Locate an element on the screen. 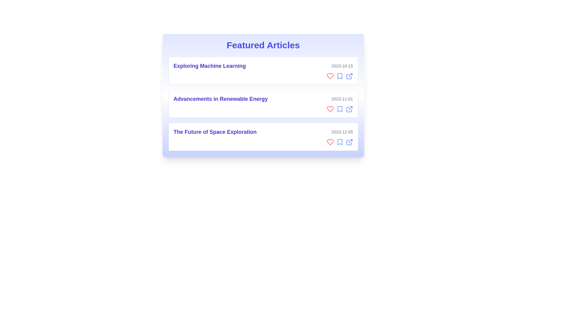 The image size is (576, 324). heart icon to like the article titled 'The Future of Space Exploration' is located at coordinates (330, 142).